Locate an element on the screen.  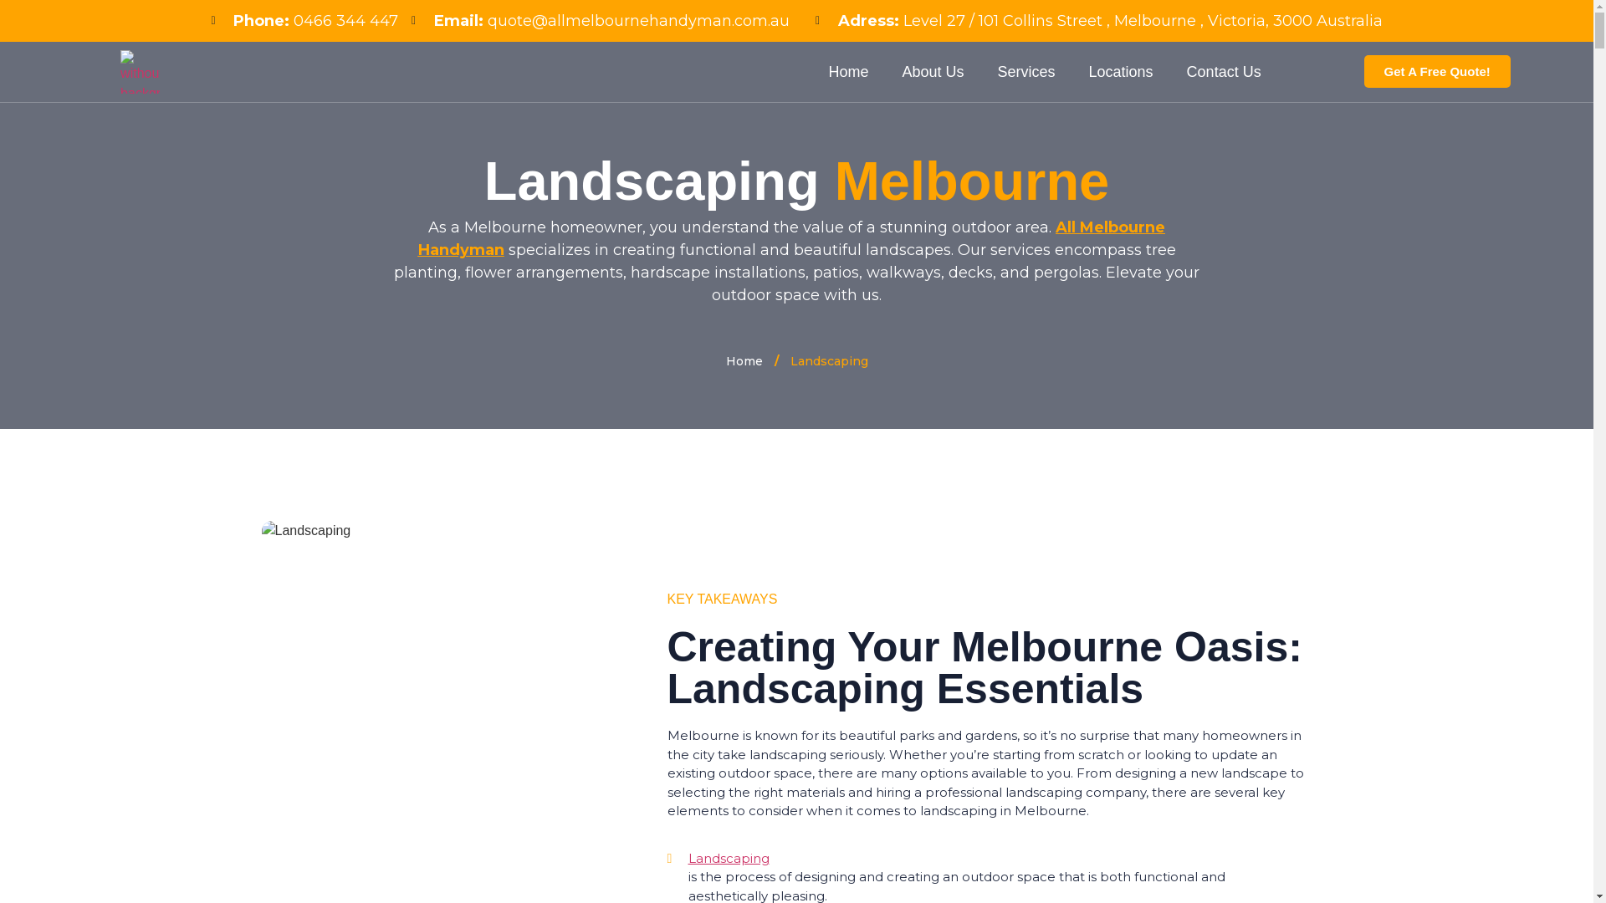
'Phone: 0466 344 447' is located at coordinates (304, 21).